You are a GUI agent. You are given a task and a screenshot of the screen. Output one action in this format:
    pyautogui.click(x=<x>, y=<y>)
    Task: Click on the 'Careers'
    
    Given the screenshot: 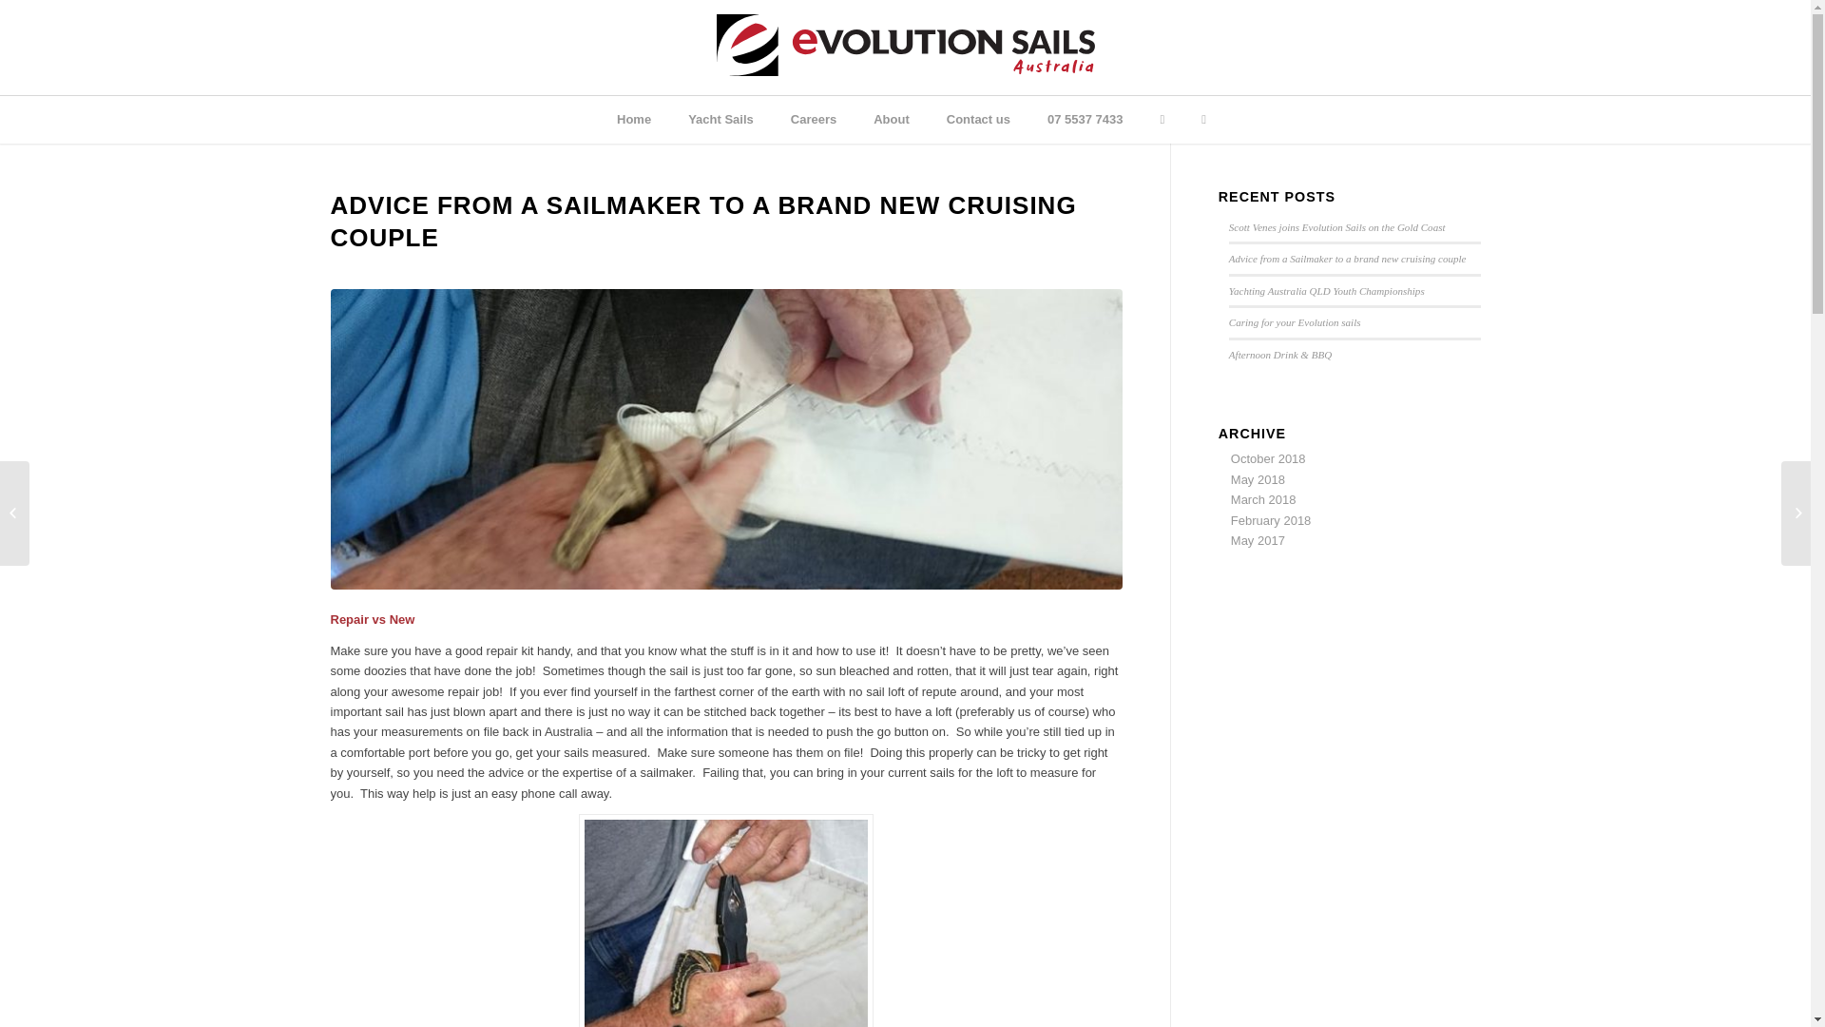 What is the action you would take?
    pyautogui.click(x=813, y=120)
    